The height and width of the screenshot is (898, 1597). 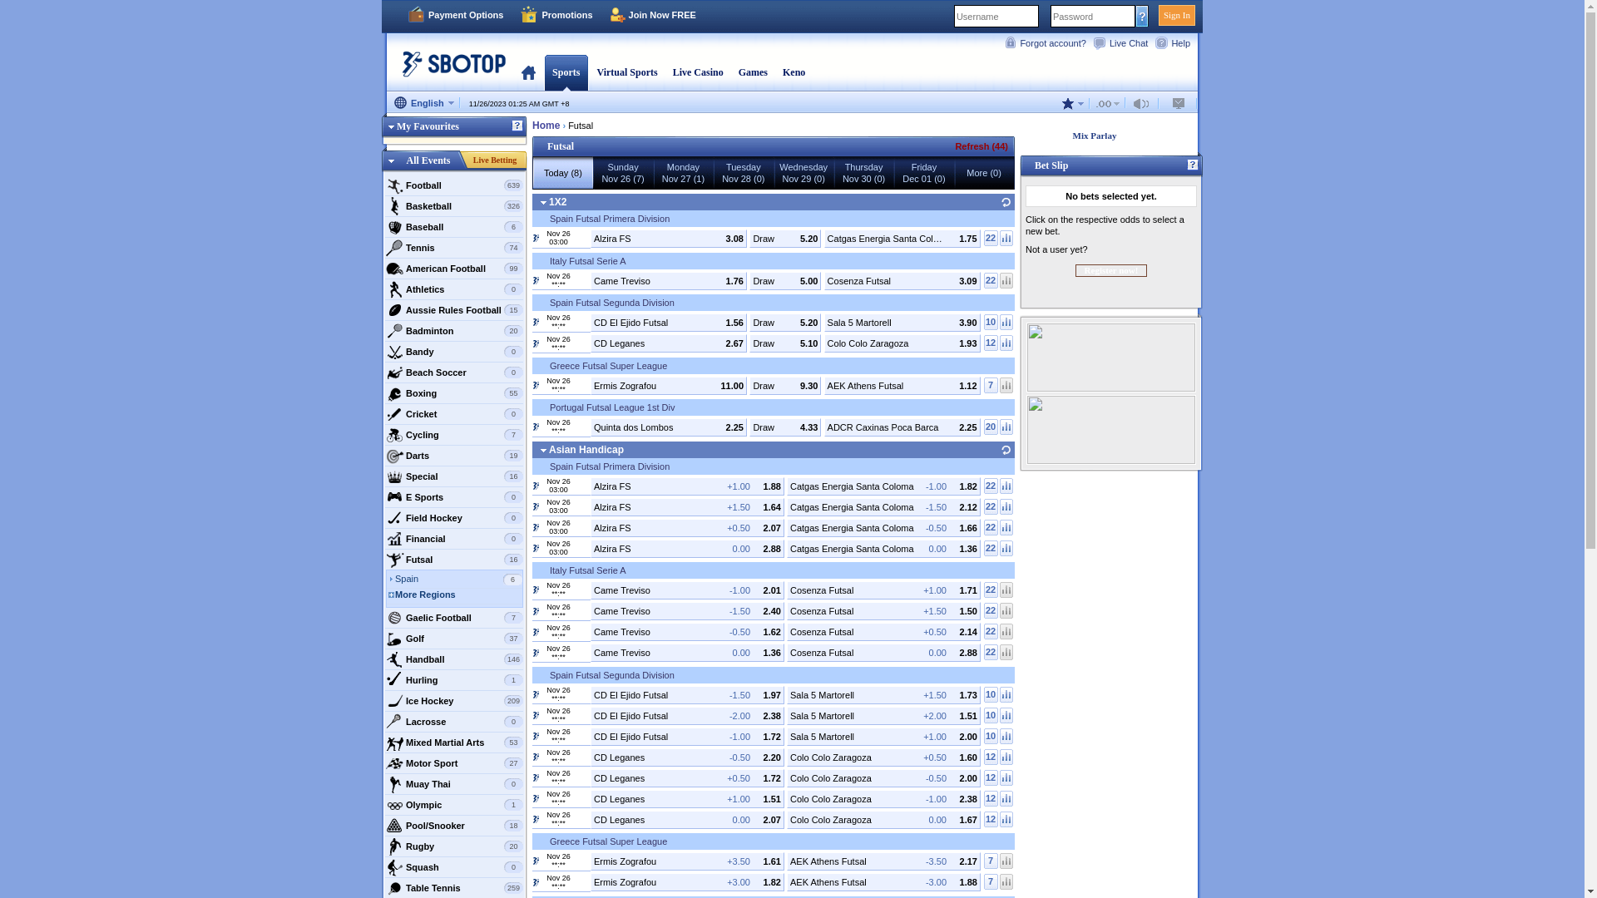 What do you see at coordinates (784, 238) in the screenshot?
I see `'5.20` at bounding box center [784, 238].